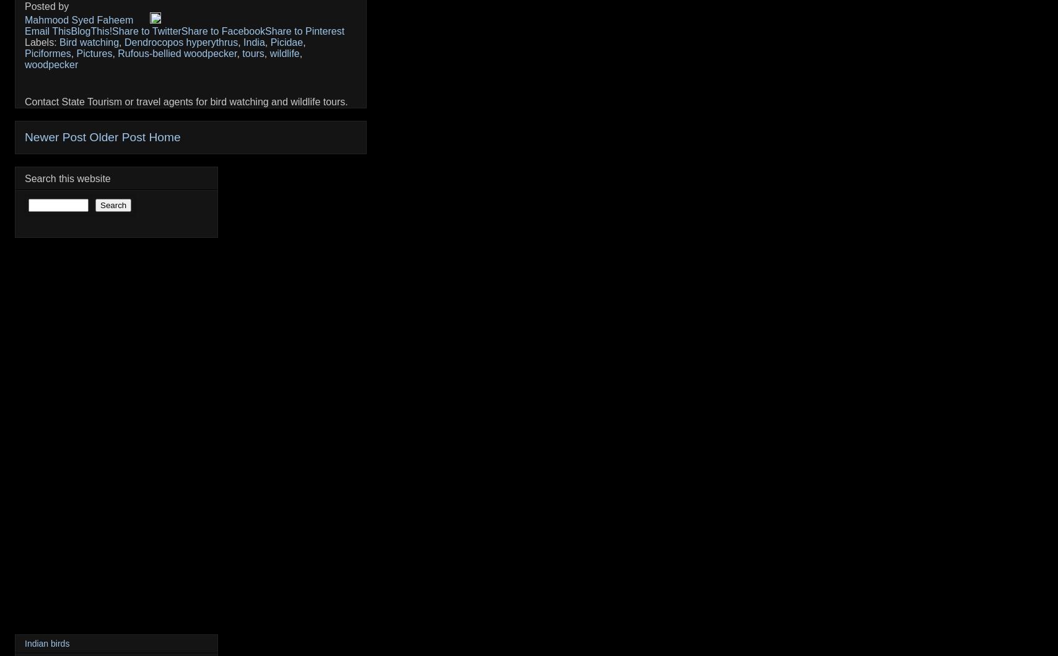  I want to click on 'Email This', so click(48, 31).